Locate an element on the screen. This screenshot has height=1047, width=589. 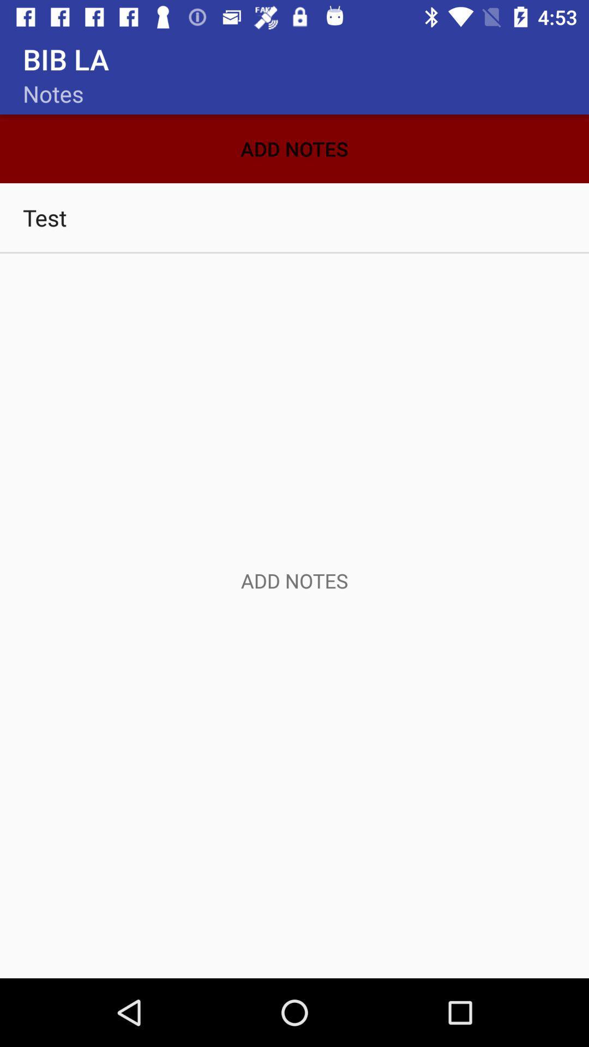
test item is located at coordinates (294, 217).